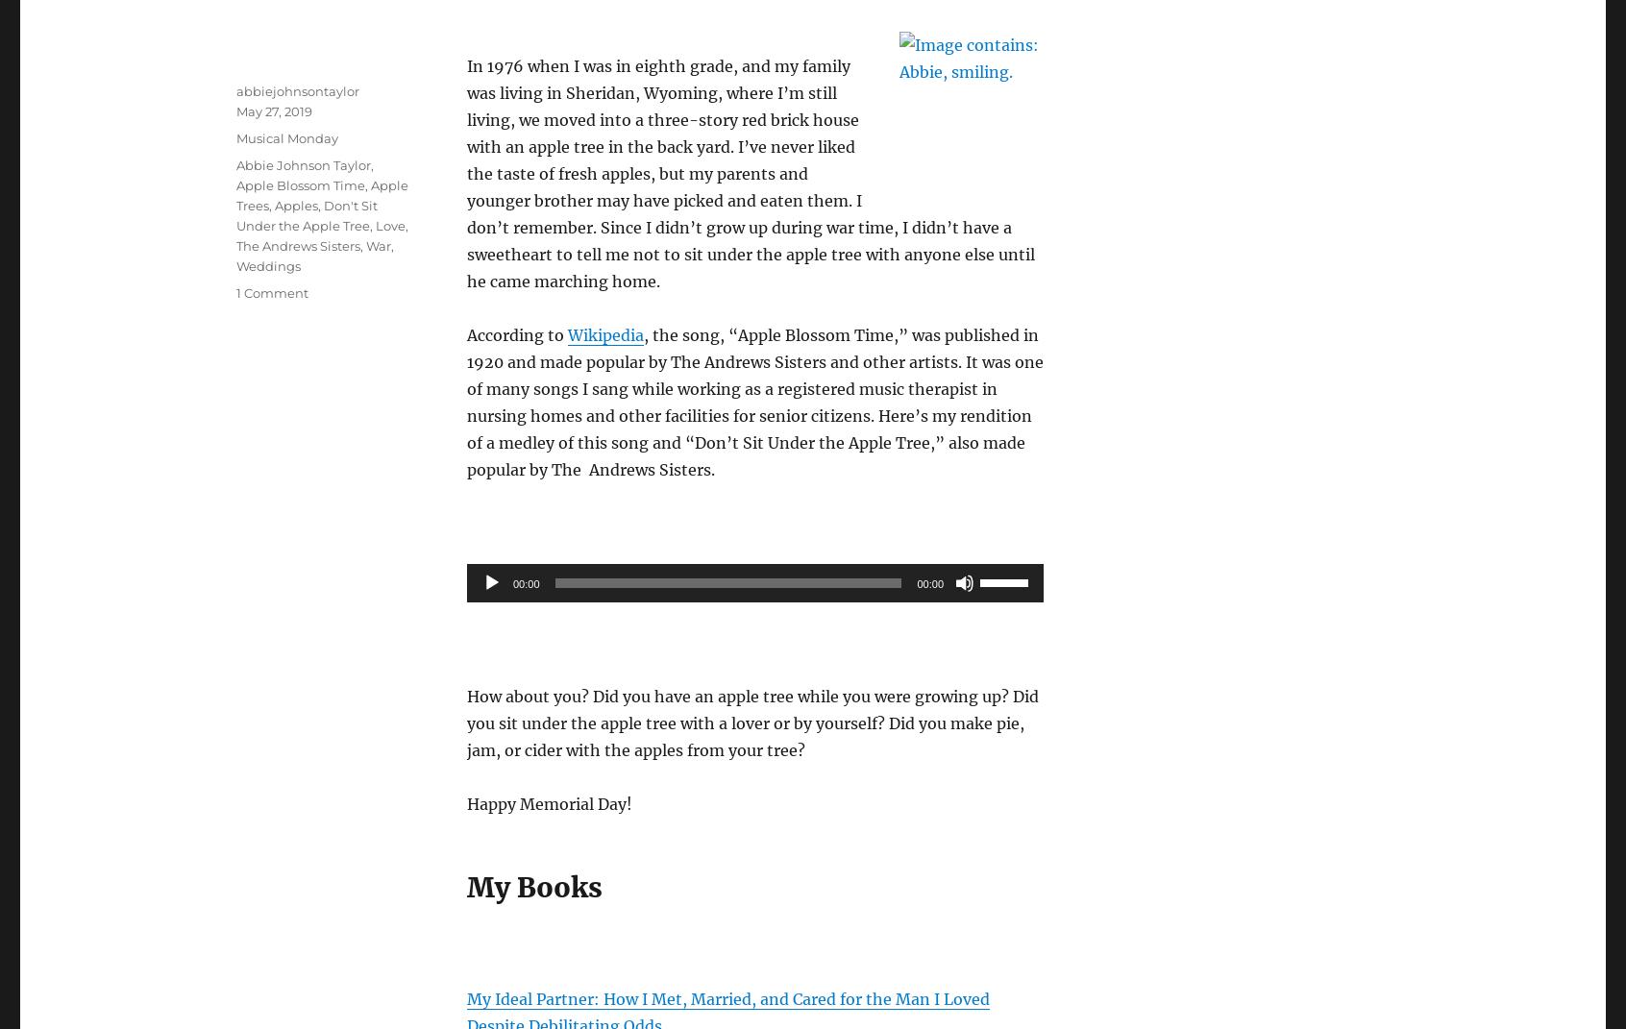 This screenshot has height=1029, width=1626. What do you see at coordinates (517, 332) in the screenshot?
I see `'According to'` at bounding box center [517, 332].